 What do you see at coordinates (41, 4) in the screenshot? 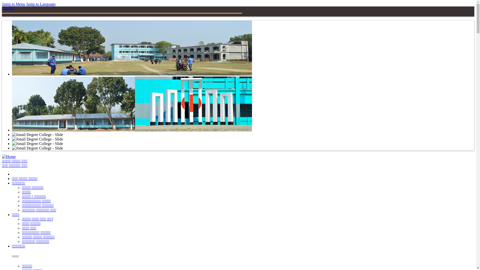
I see `'Jump to Language'` at bounding box center [41, 4].